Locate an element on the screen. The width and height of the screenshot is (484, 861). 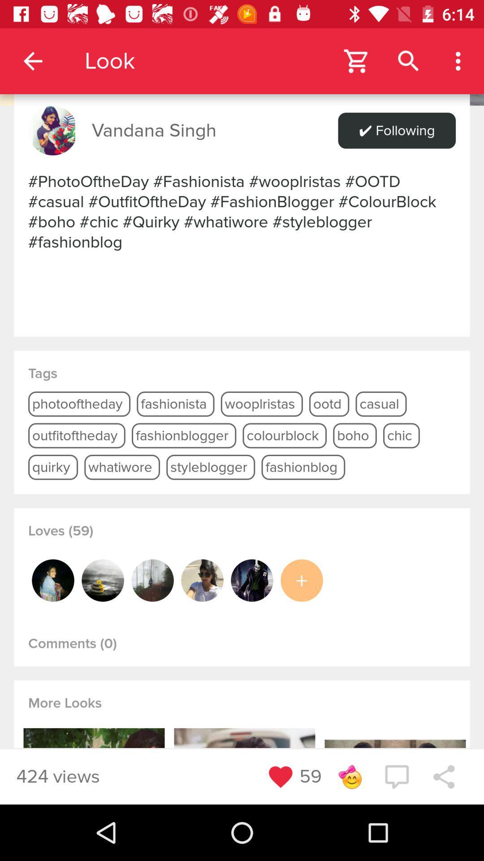
icon below the loves (59) item is located at coordinates (102, 580).